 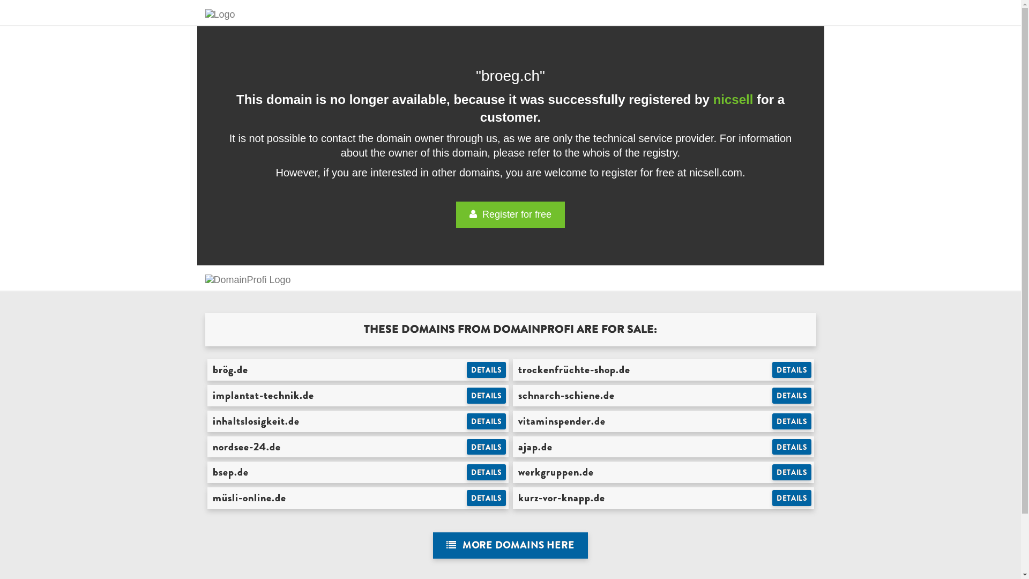 What do you see at coordinates (792, 498) in the screenshot?
I see `'DETAILS'` at bounding box center [792, 498].